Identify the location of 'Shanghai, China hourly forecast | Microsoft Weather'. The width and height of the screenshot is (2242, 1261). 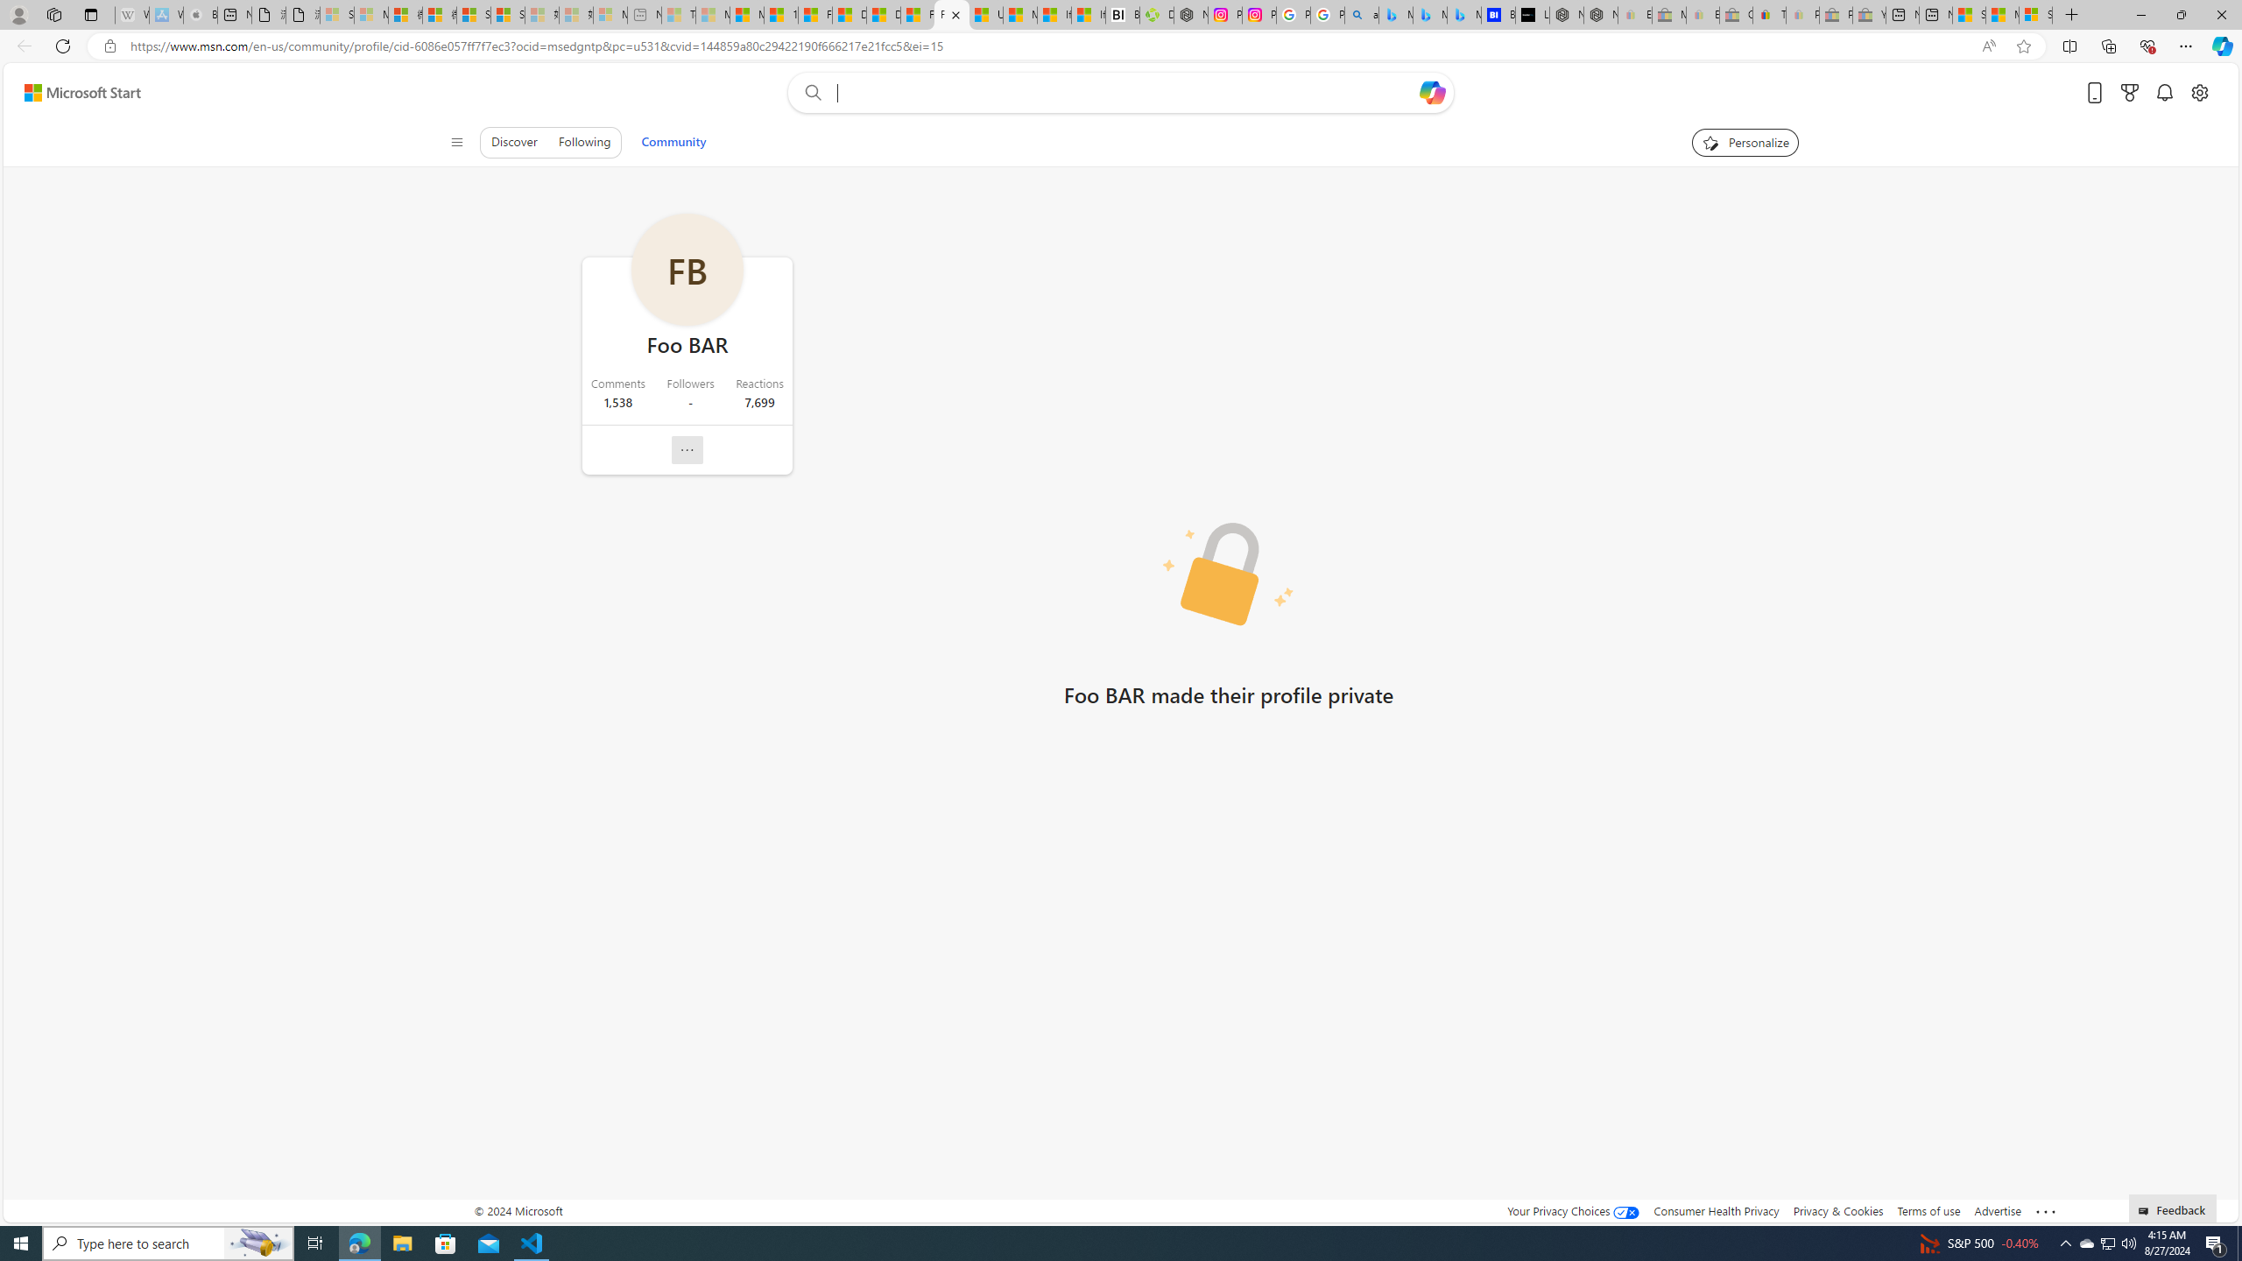
(1968, 14).